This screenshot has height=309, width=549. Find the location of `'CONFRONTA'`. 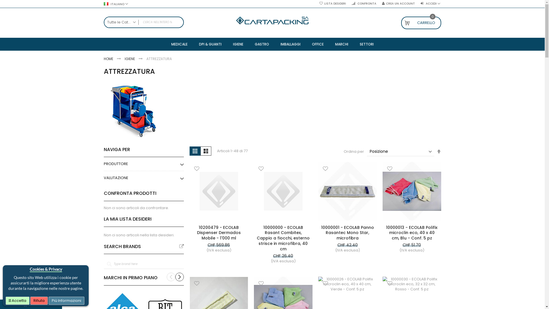

'CONFRONTA' is located at coordinates (363, 3).